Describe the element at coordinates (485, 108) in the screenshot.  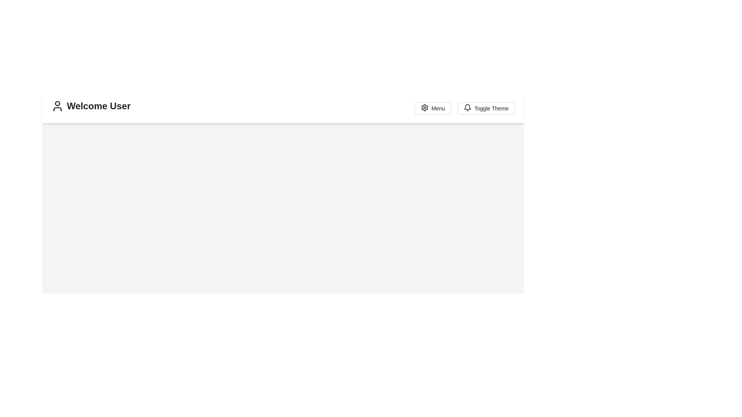
I see `the theme toggle button located in the top-right corner of the interface to switch between light and dark themes` at that location.